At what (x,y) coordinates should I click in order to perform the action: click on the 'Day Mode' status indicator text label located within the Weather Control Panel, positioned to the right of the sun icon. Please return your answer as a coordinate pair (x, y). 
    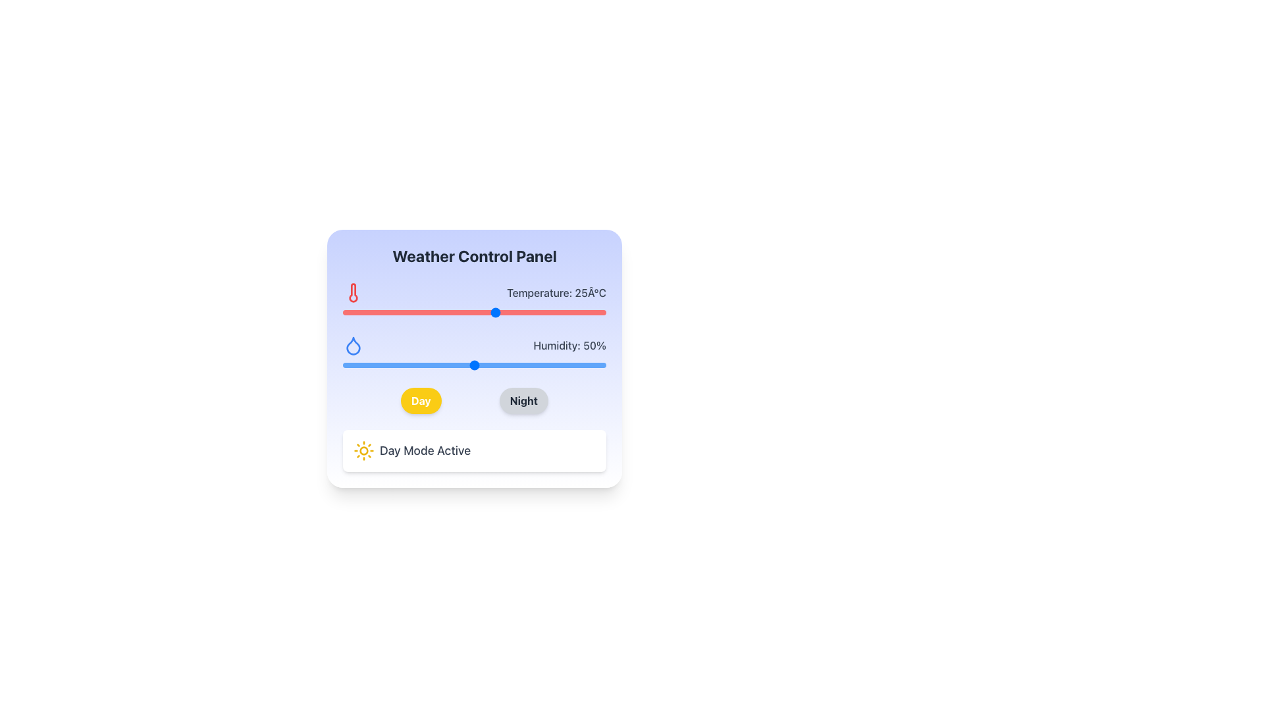
    Looking at the image, I should click on (425, 450).